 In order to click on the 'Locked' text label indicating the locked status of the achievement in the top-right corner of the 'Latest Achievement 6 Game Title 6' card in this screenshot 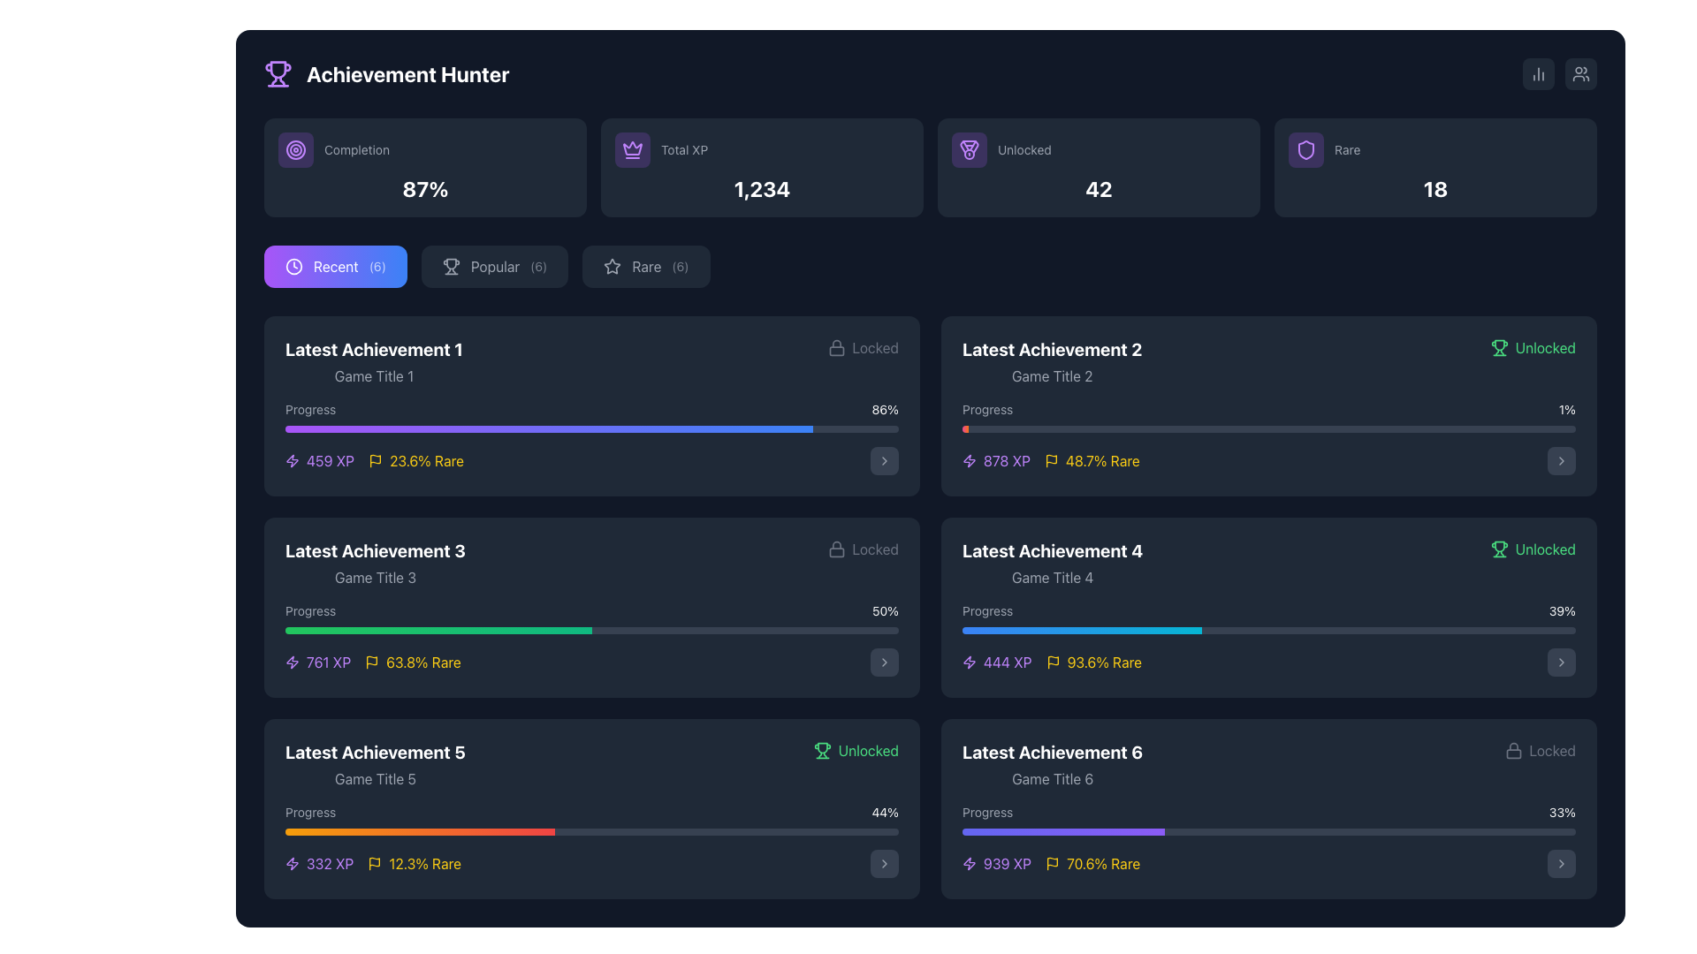, I will do `click(875, 548)`.